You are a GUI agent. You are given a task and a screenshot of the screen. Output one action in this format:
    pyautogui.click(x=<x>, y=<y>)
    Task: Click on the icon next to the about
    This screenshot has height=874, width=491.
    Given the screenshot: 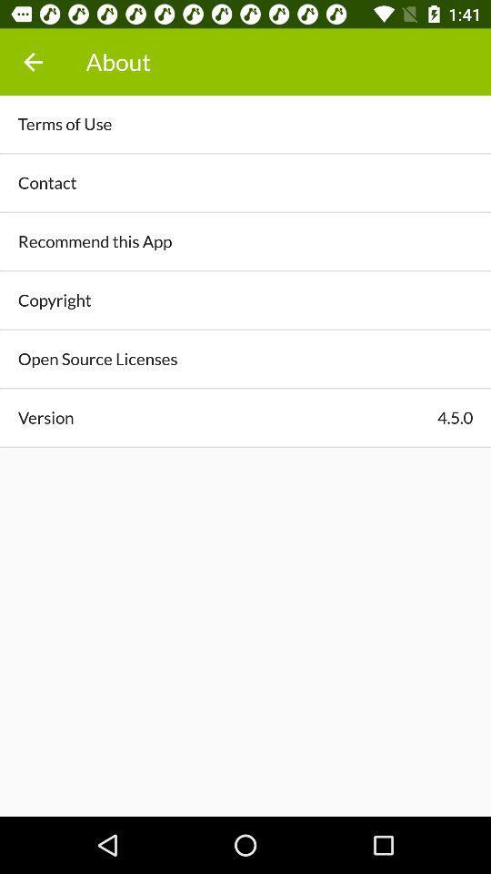 What is the action you would take?
    pyautogui.click(x=33, y=62)
    